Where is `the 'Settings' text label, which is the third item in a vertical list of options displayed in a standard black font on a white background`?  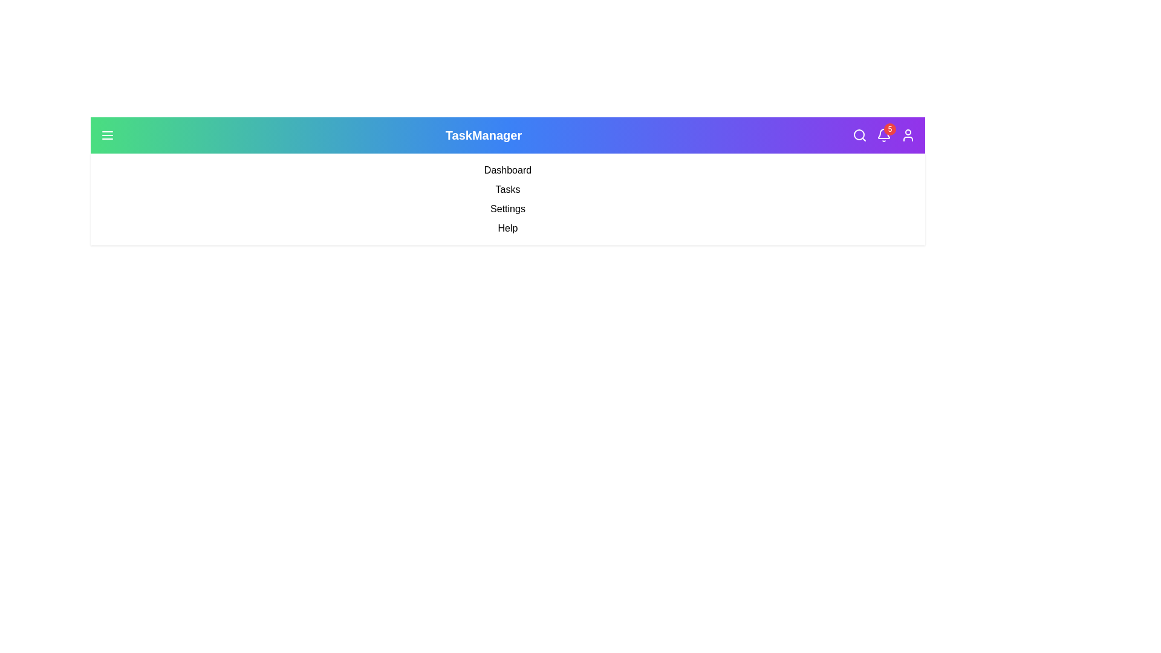 the 'Settings' text label, which is the third item in a vertical list of options displayed in a standard black font on a white background is located at coordinates (508, 209).